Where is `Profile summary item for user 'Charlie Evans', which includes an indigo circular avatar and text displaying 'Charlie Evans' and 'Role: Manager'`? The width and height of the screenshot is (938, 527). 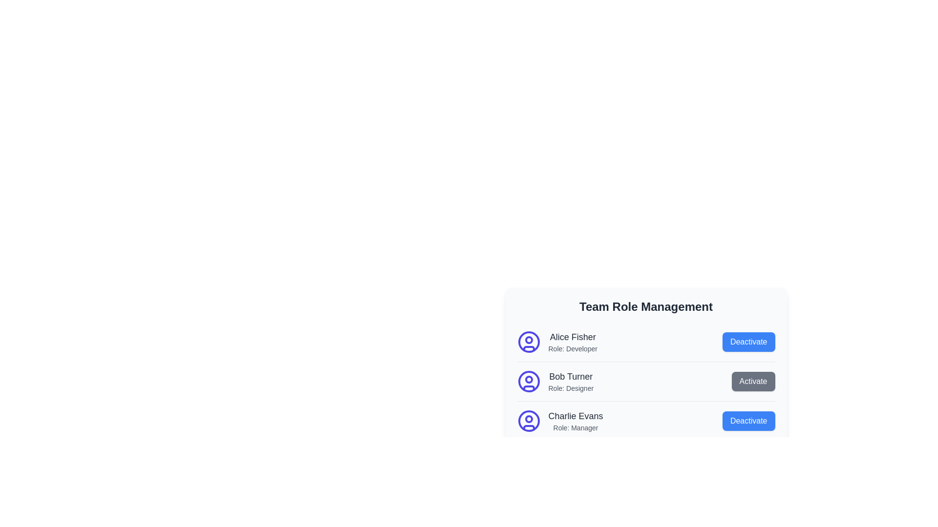
Profile summary item for user 'Charlie Evans', which includes an indigo circular avatar and text displaying 'Charlie Evans' and 'Role: Manager' is located at coordinates (560, 421).